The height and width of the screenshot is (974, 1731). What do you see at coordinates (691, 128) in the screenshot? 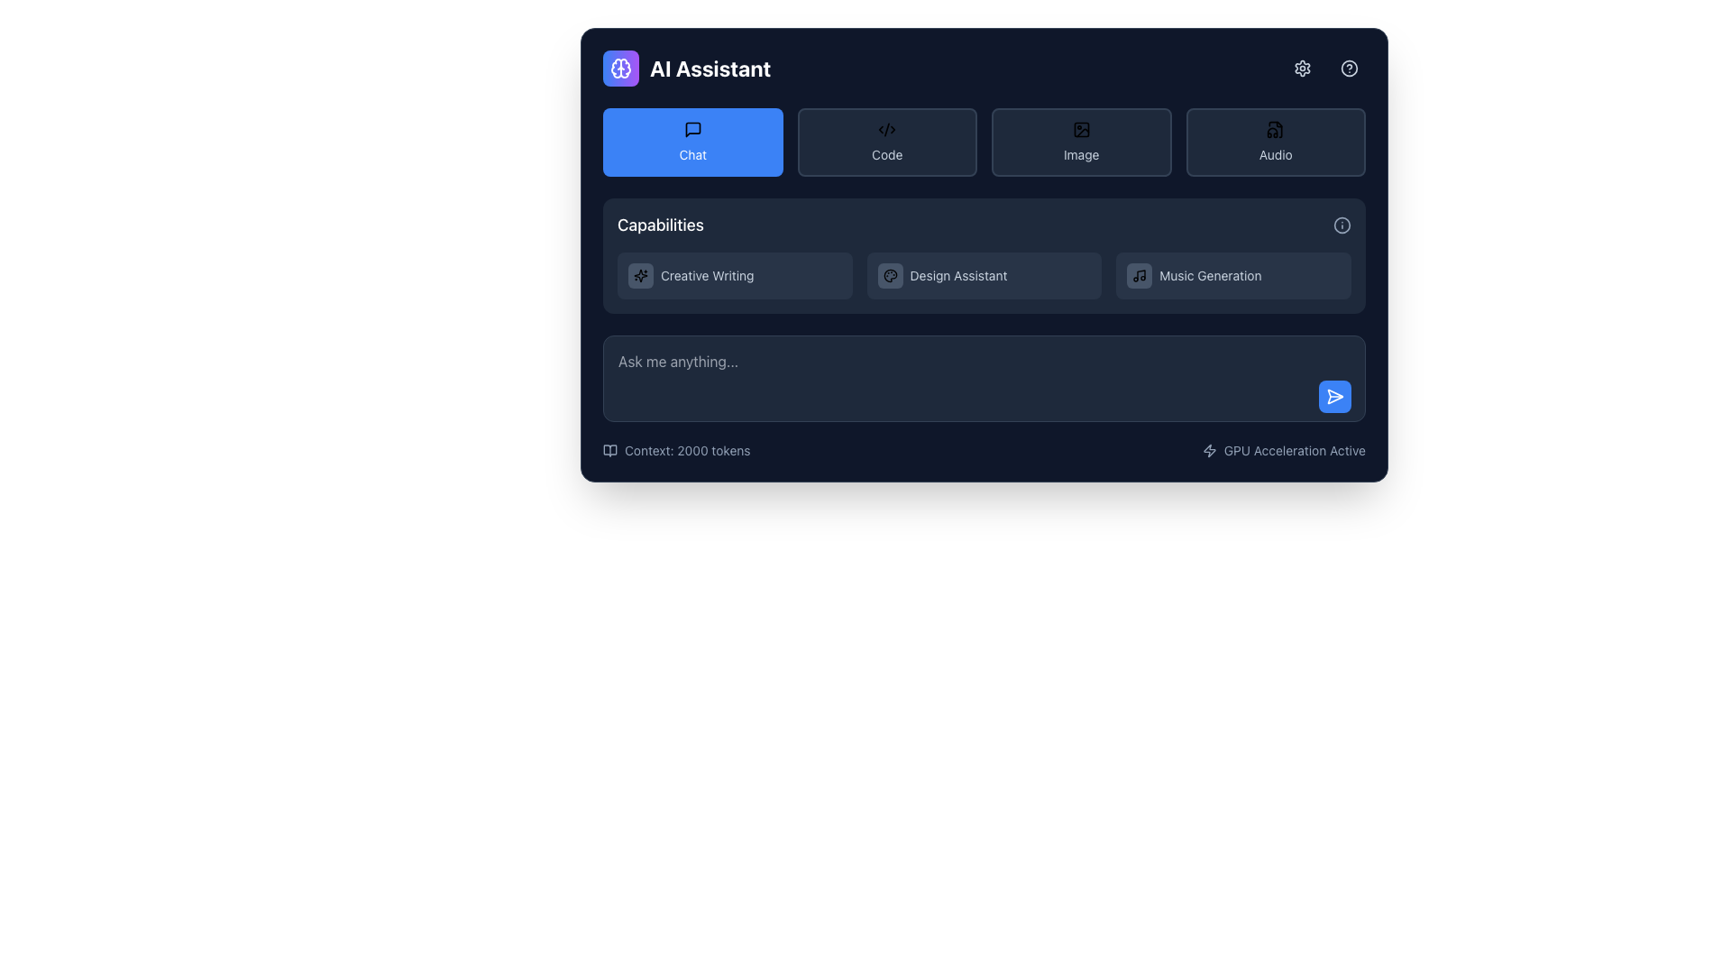
I see `the chat bubble icon located within the 'Chat' button at the top-left corner of the interface` at bounding box center [691, 128].